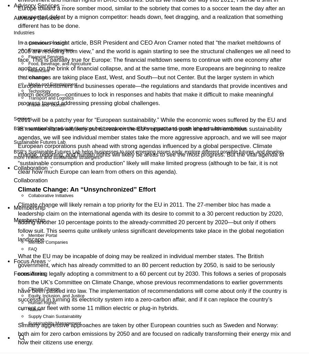  What do you see at coordinates (27, 205) in the screenshot?
I see `'Events'` at bounding box center [27, 205].